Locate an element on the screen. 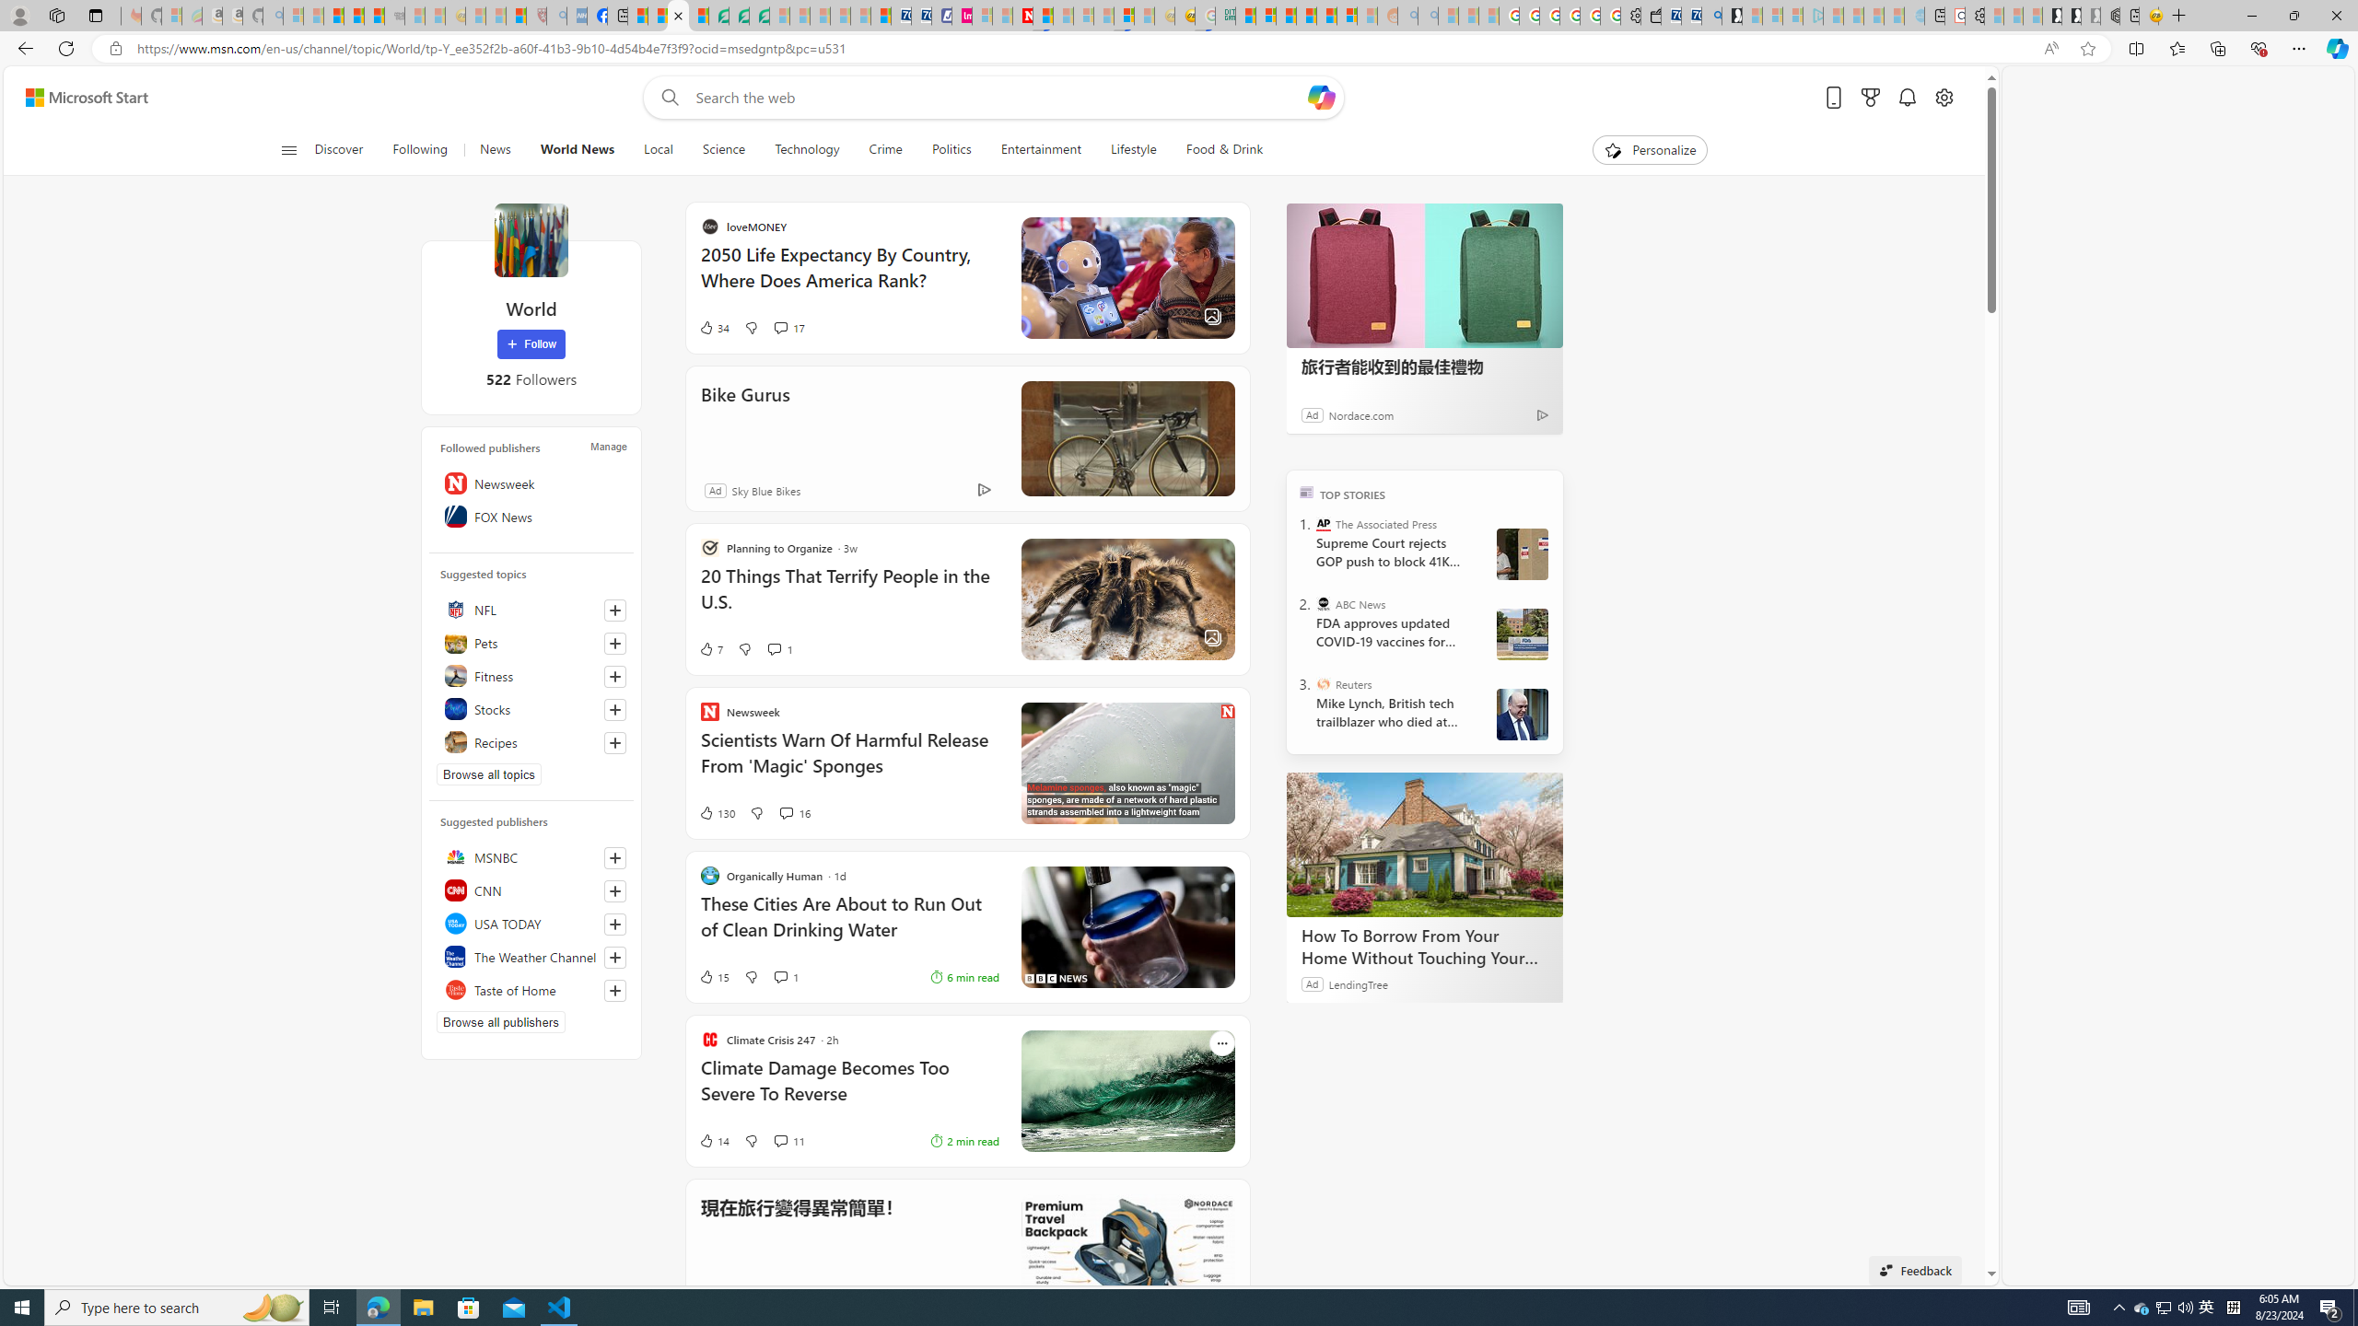 Image resolution: width=2358 pixels, height=1326 pixels. 'The Weather Channel' is located at coordinates (530, 955).